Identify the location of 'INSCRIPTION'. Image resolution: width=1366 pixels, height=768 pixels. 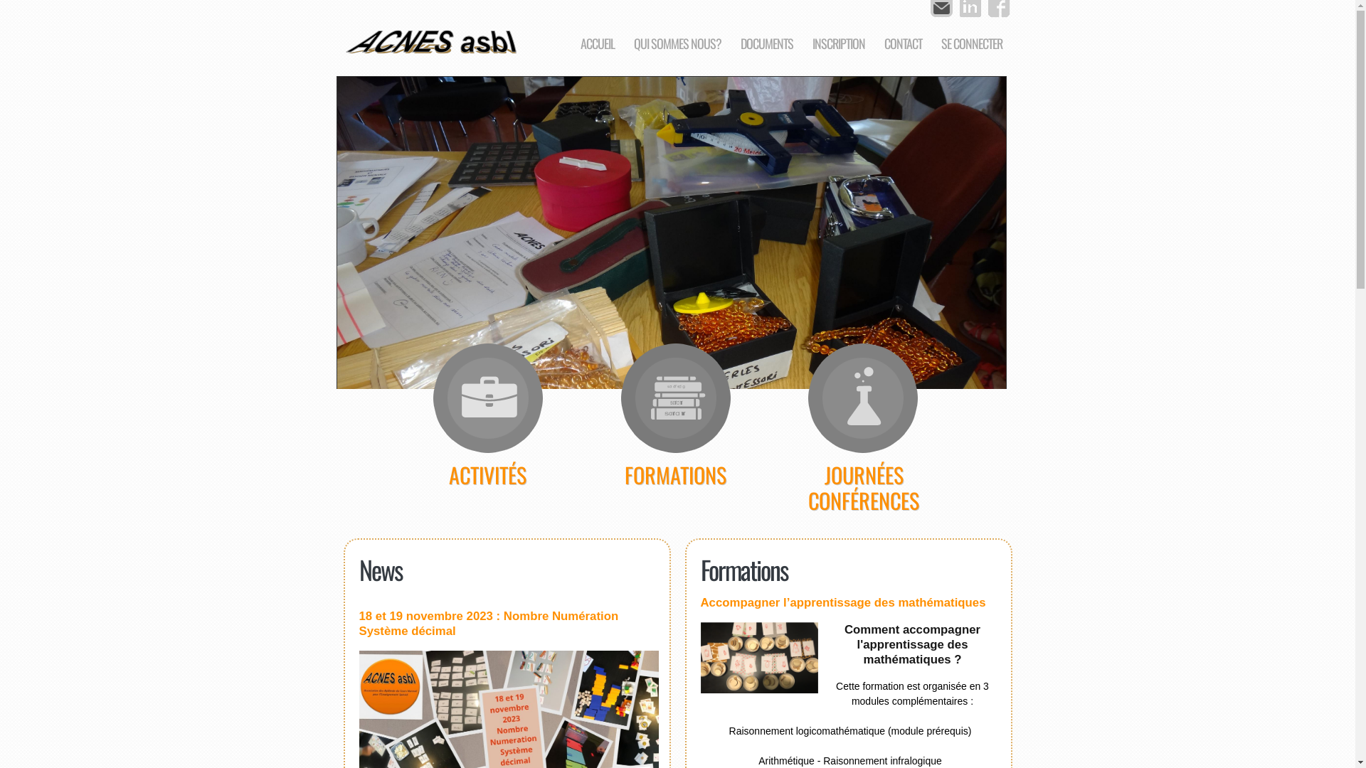
(839, 43).